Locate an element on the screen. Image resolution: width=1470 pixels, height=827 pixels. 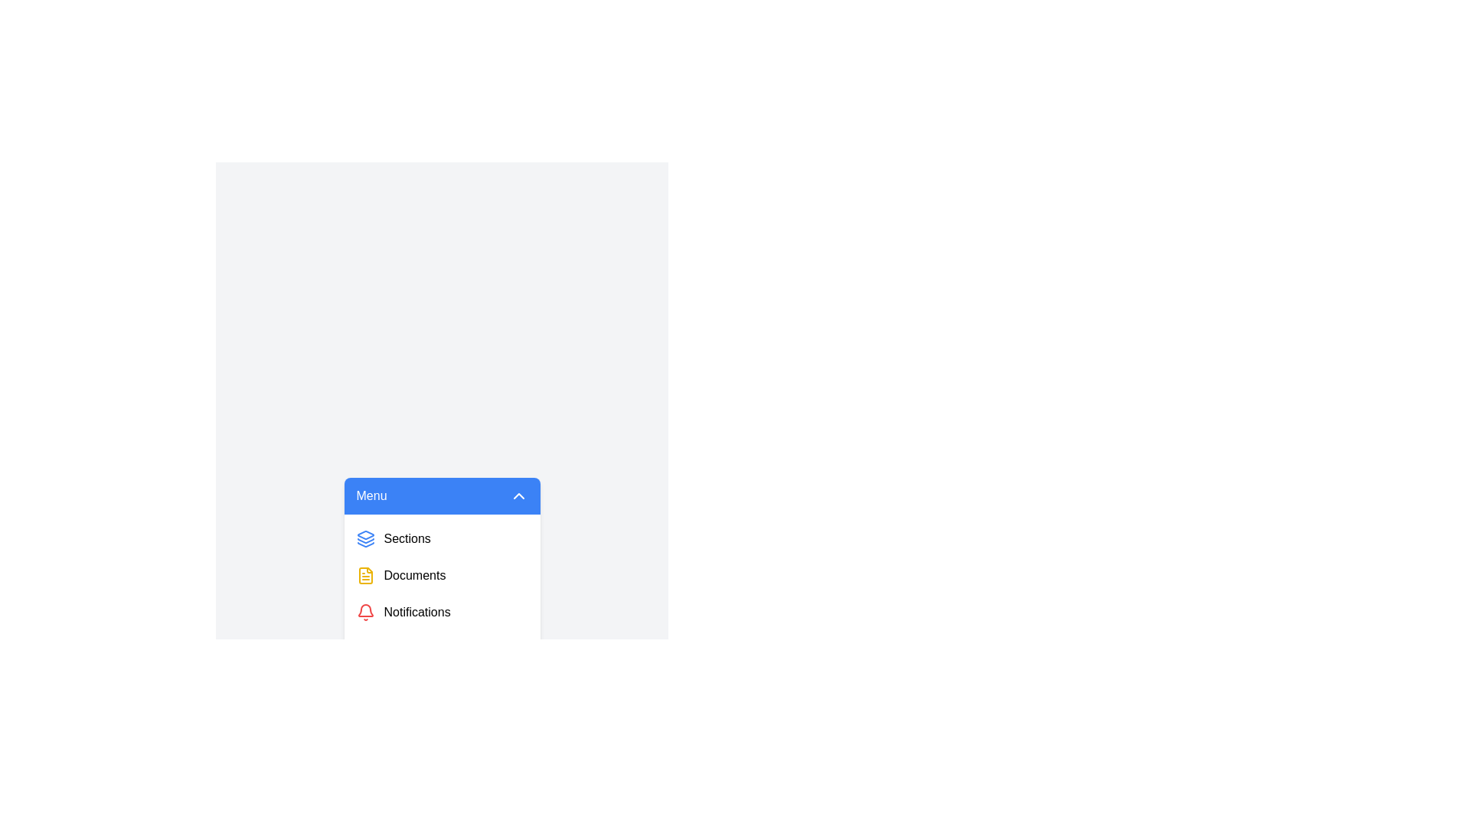
the 'Sections' menu item to select it is located at coordinates (441, 538).